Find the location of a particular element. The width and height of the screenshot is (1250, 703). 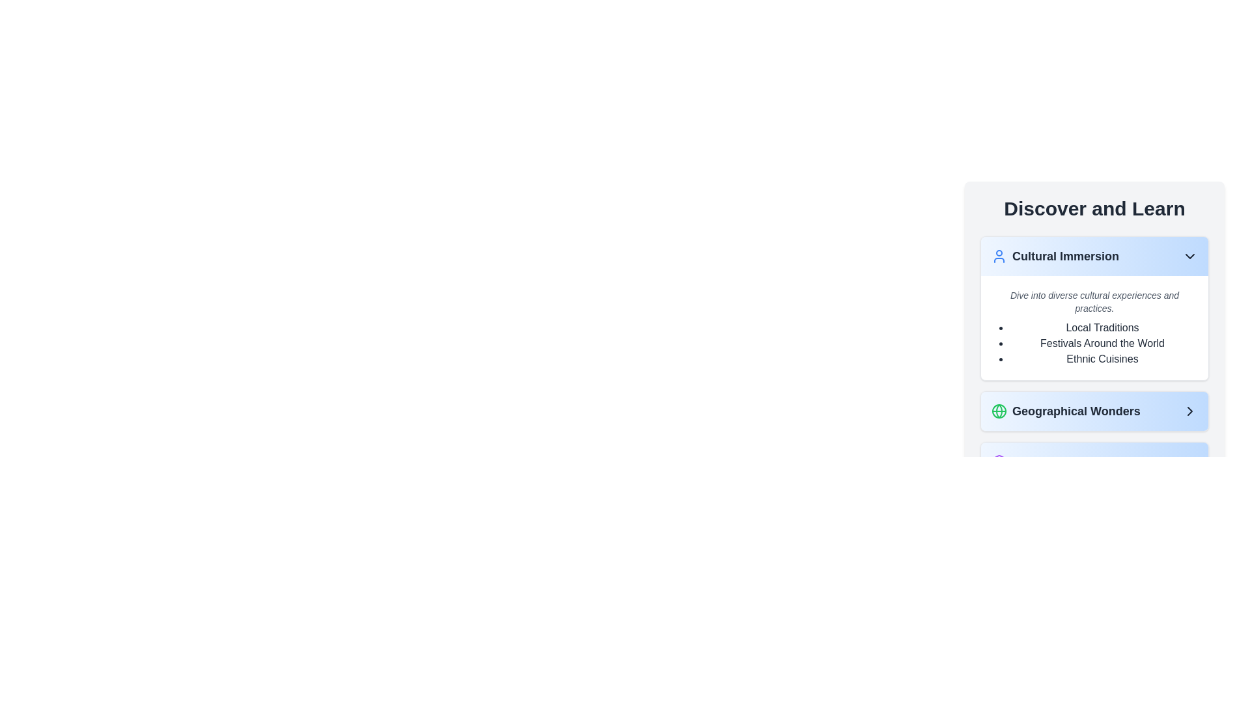

the 'Cultural Immersion' collapsible header button is located at coordinates (1094, 256).